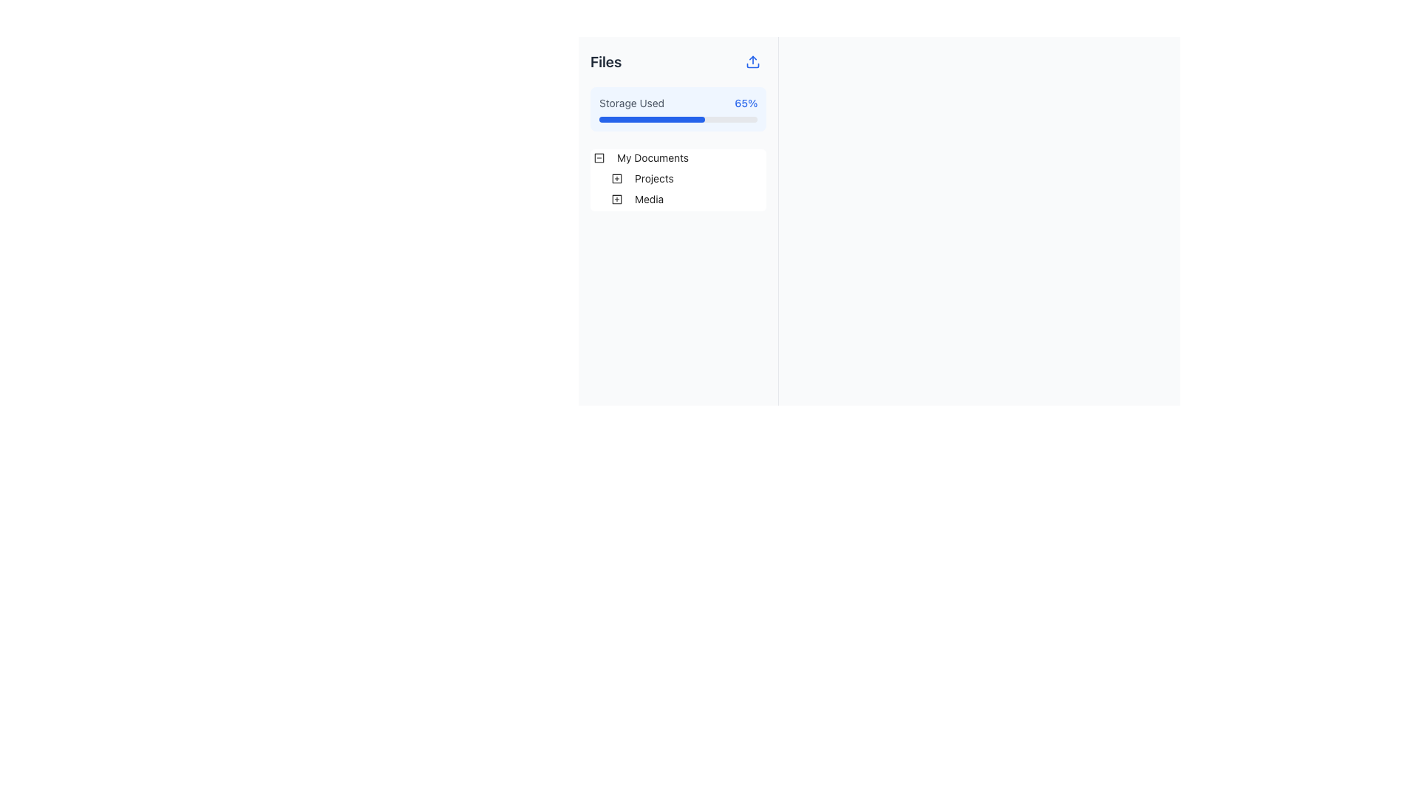 The width and height of the screenshot is (1419, 798). I want to click on the progress bar with a gray background and blue foreground that is located below the 'Storage Used' text and '65%' percentage within the storage usage card, so click(678, 119).